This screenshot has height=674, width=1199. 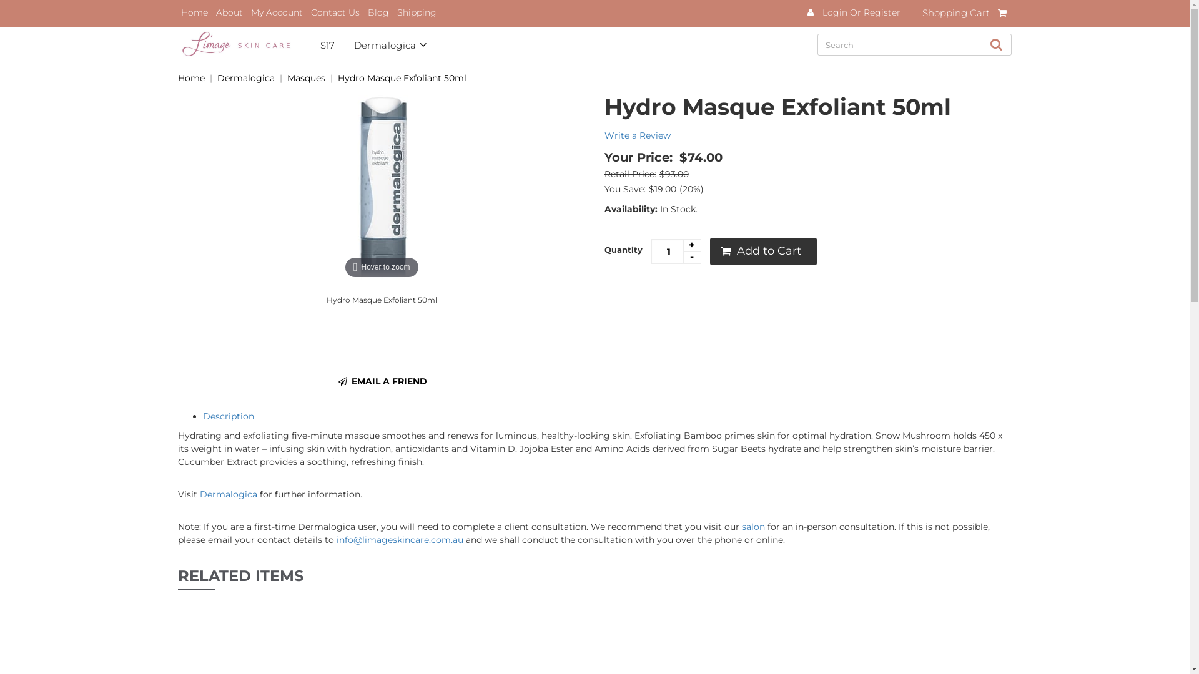 I want to click on 'My Account', so click(x=276, y=12).